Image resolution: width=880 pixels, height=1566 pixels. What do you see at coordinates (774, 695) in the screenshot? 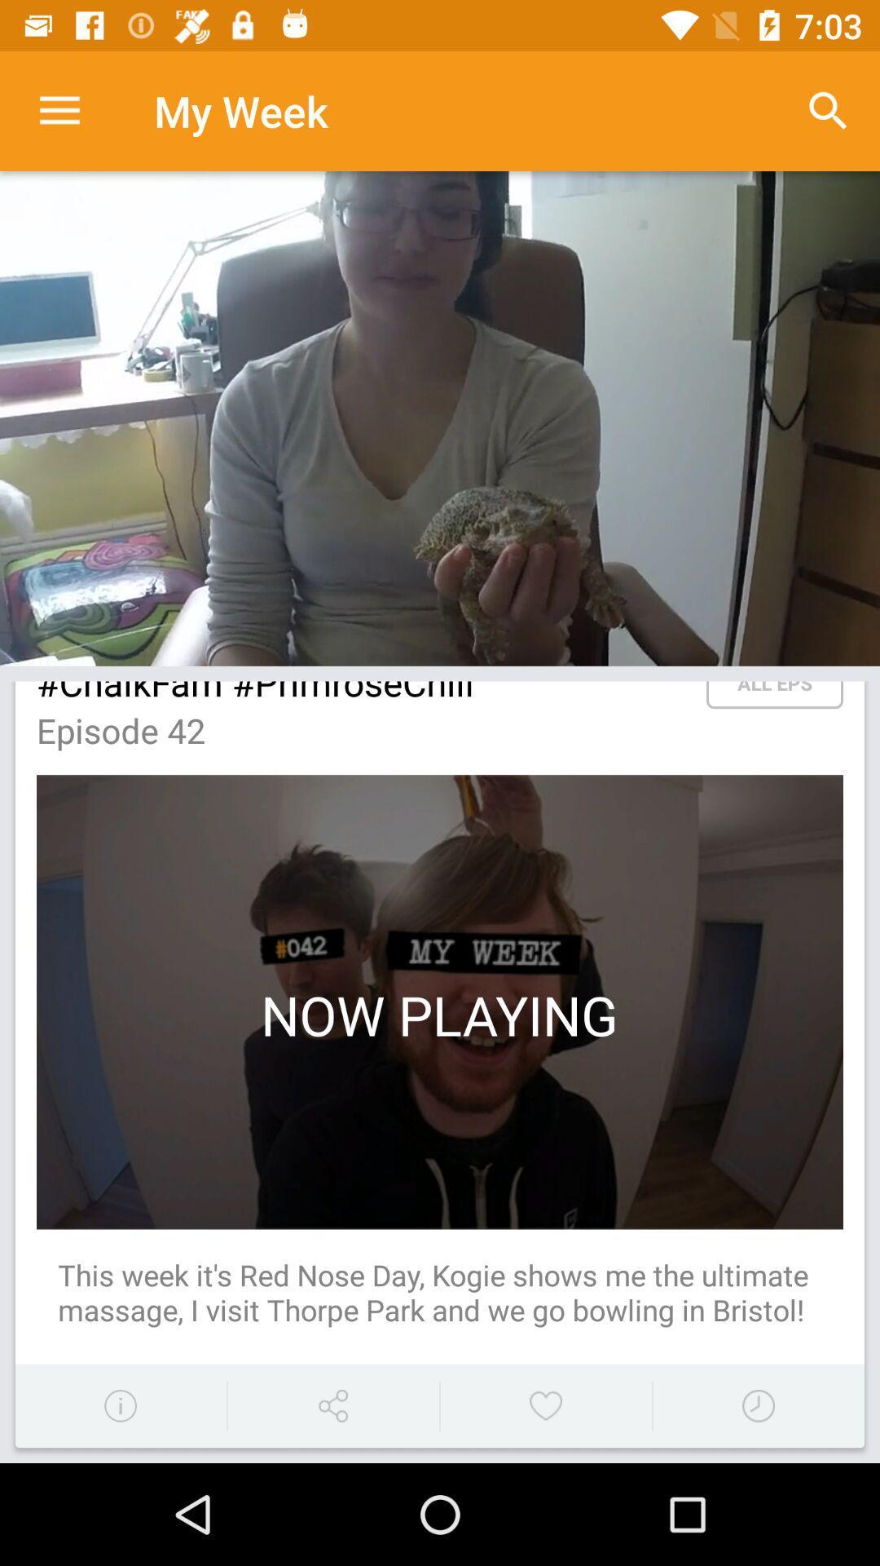
I see `the text which is right to the episode 42` at bounding box center [774, 695].